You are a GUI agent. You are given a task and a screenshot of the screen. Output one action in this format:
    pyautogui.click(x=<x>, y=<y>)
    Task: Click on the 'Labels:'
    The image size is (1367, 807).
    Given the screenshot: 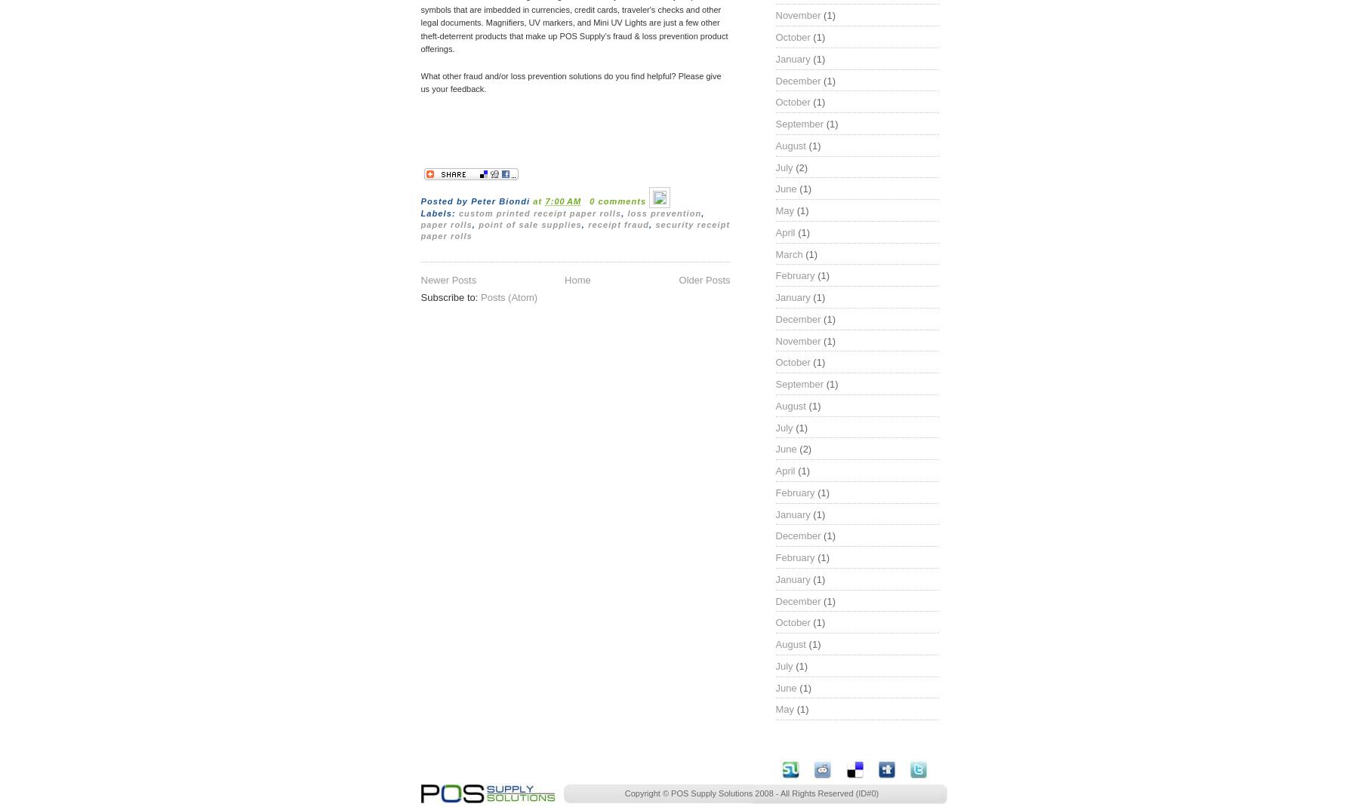 What is the action you would take?
    pyautogui.click(x=420, y=213)
    